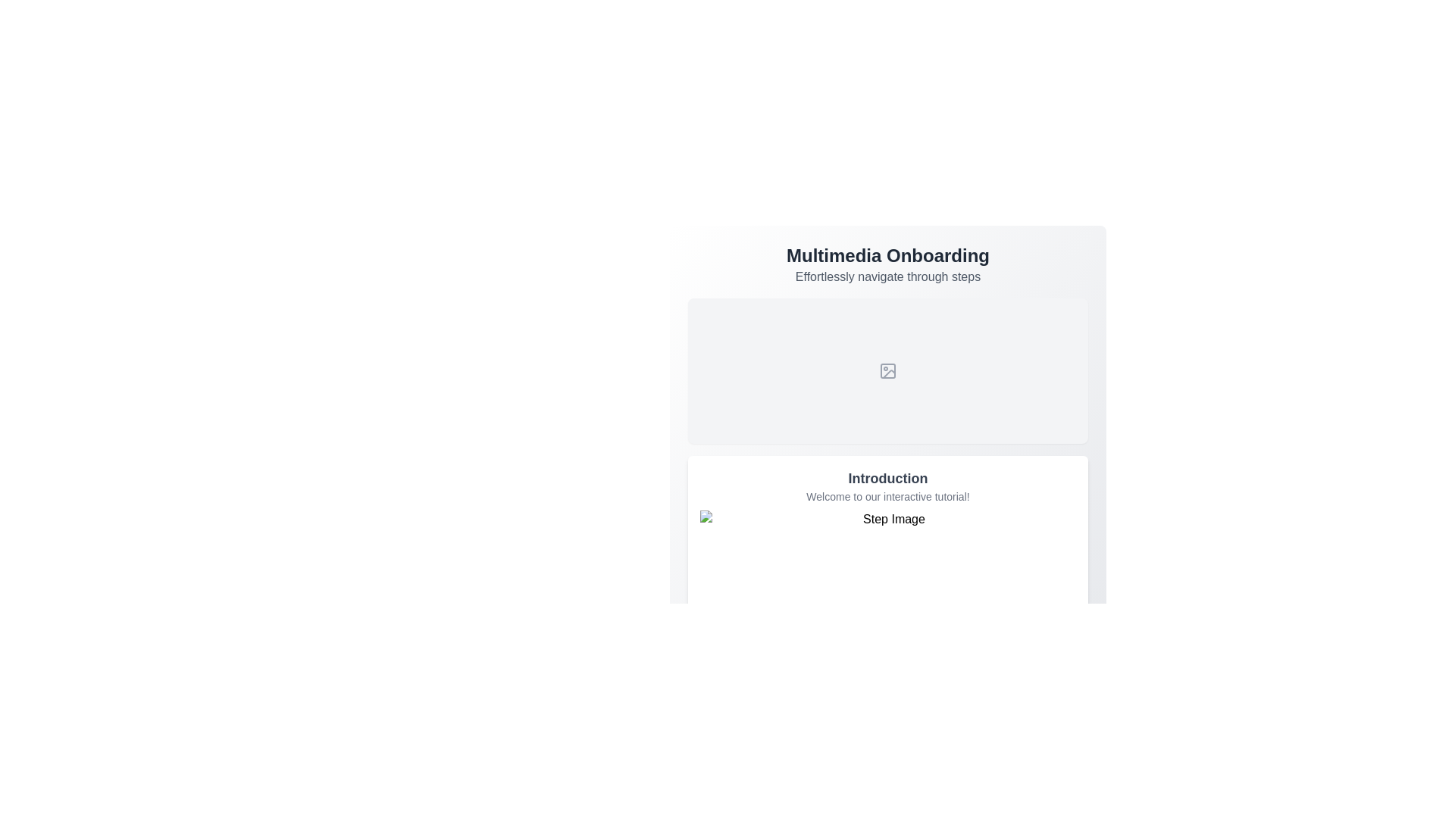 Image resolution: width=1455 pixels, height=818 pixels. I want to click on muted text content that says 'Welcome to our interactive tutorial!', which is located beneath the 'Introduction' heading, so click(887, 496).